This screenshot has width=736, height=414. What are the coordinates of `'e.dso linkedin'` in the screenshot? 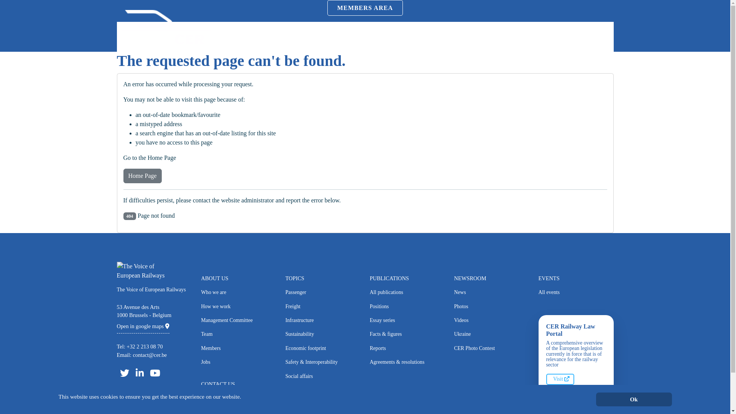 It's located at (140, 372).